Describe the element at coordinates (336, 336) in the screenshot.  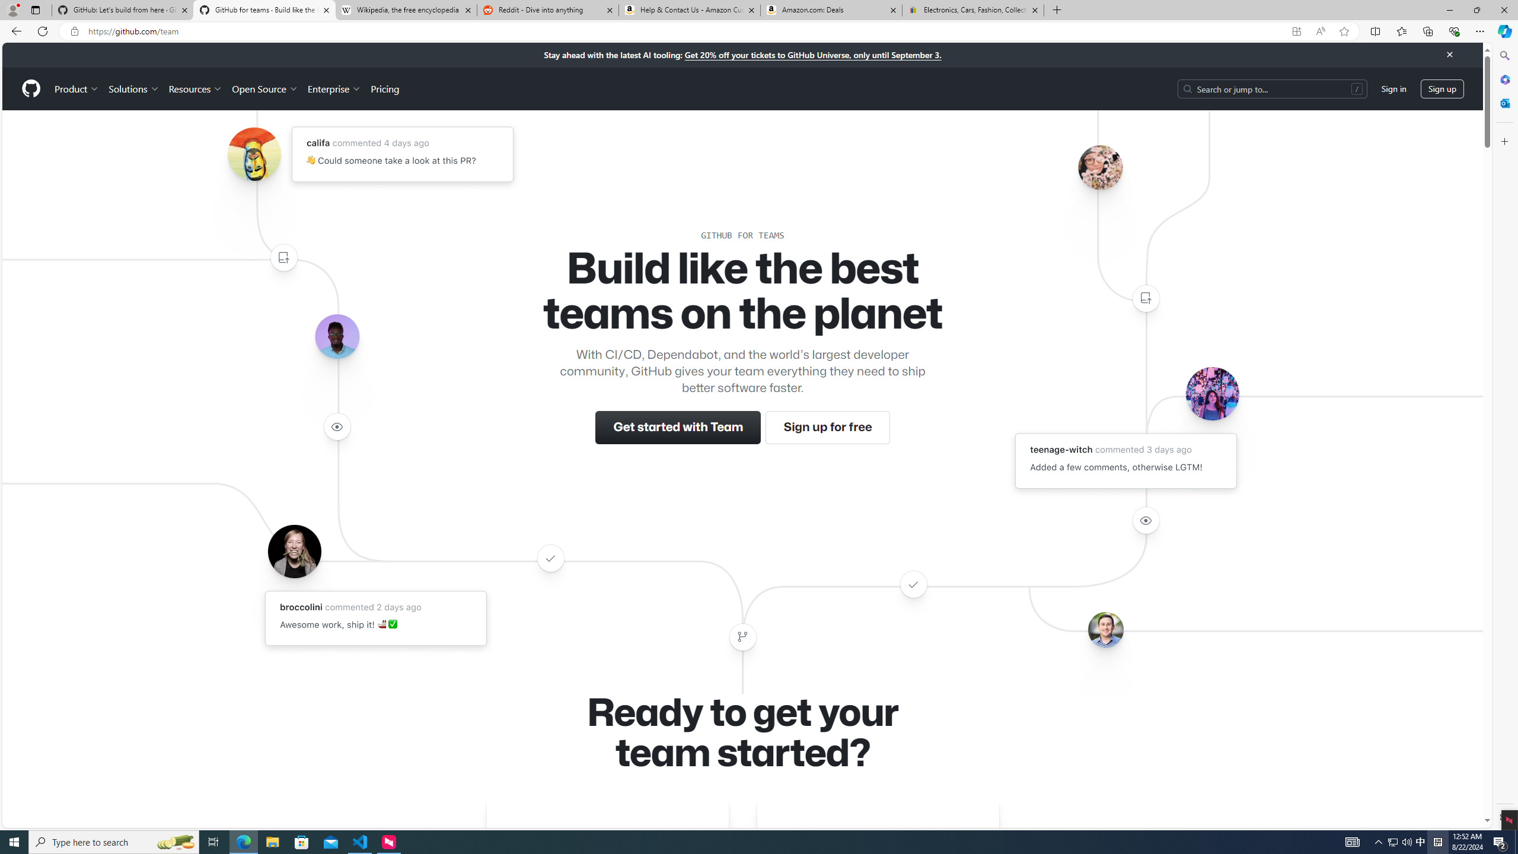
I see `'Avatar of the user lerebear'` at that location.